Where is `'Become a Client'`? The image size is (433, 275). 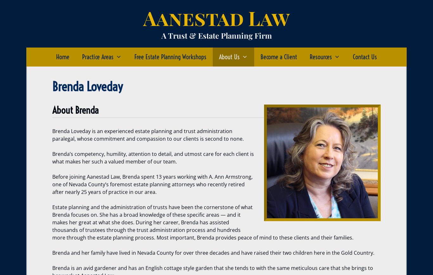 'Become a Client' is located at coordinates (260, 57).